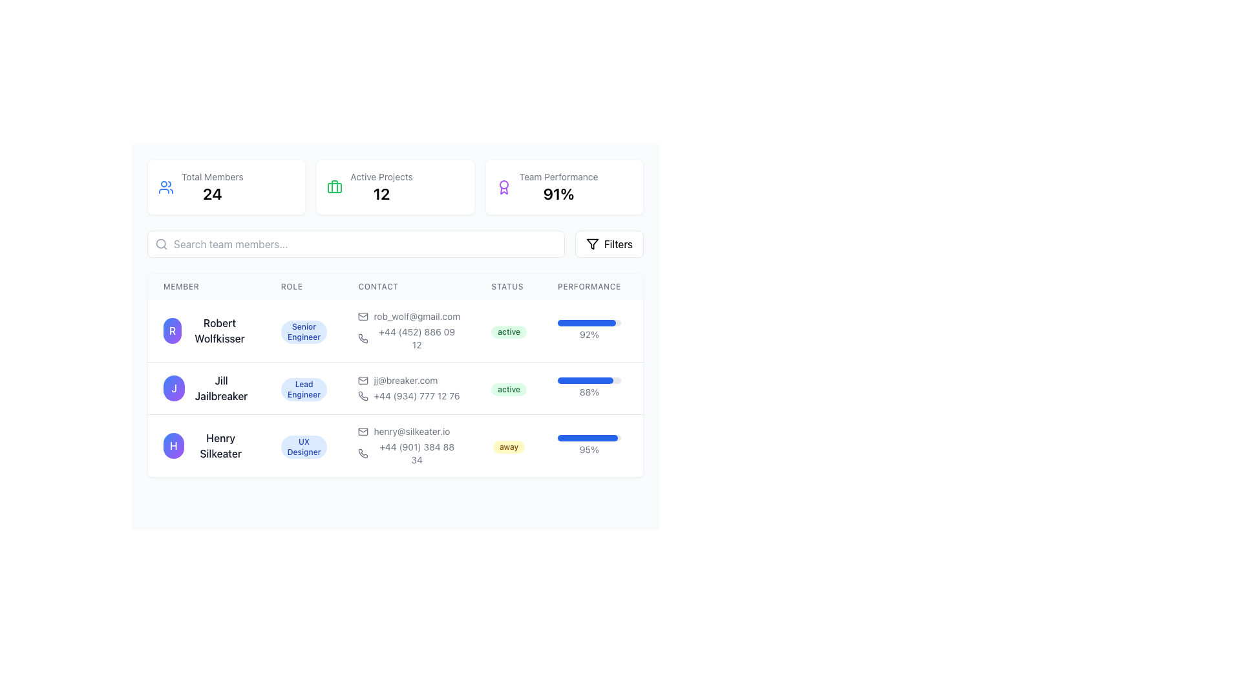  Describe the element at coordinates (564, 187) in the screenshot. I see `the interactive information card displaying the performance metric '91%' and the label 'Team Performance' located in the top-right corner of the grid layout` at that location.